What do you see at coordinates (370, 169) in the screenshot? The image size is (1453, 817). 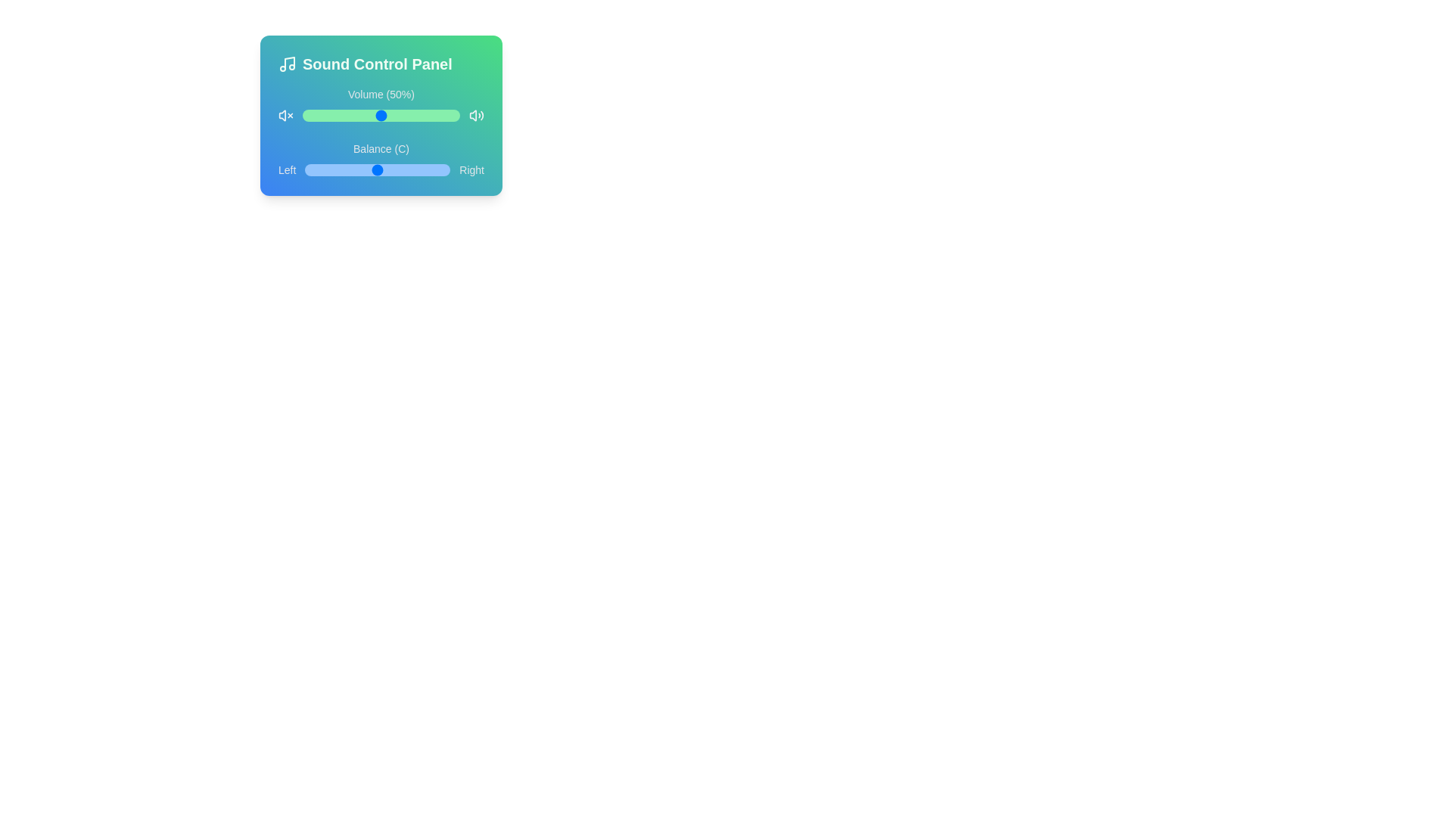 I see `balance` at bounding box center [370, 169].